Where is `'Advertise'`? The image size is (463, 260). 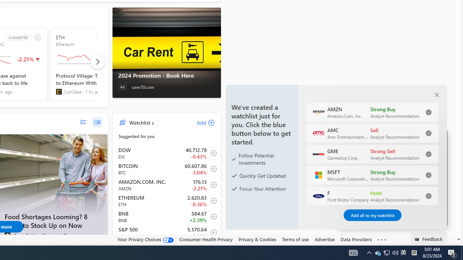 'Advertise' is located at coordinates (324, 239).